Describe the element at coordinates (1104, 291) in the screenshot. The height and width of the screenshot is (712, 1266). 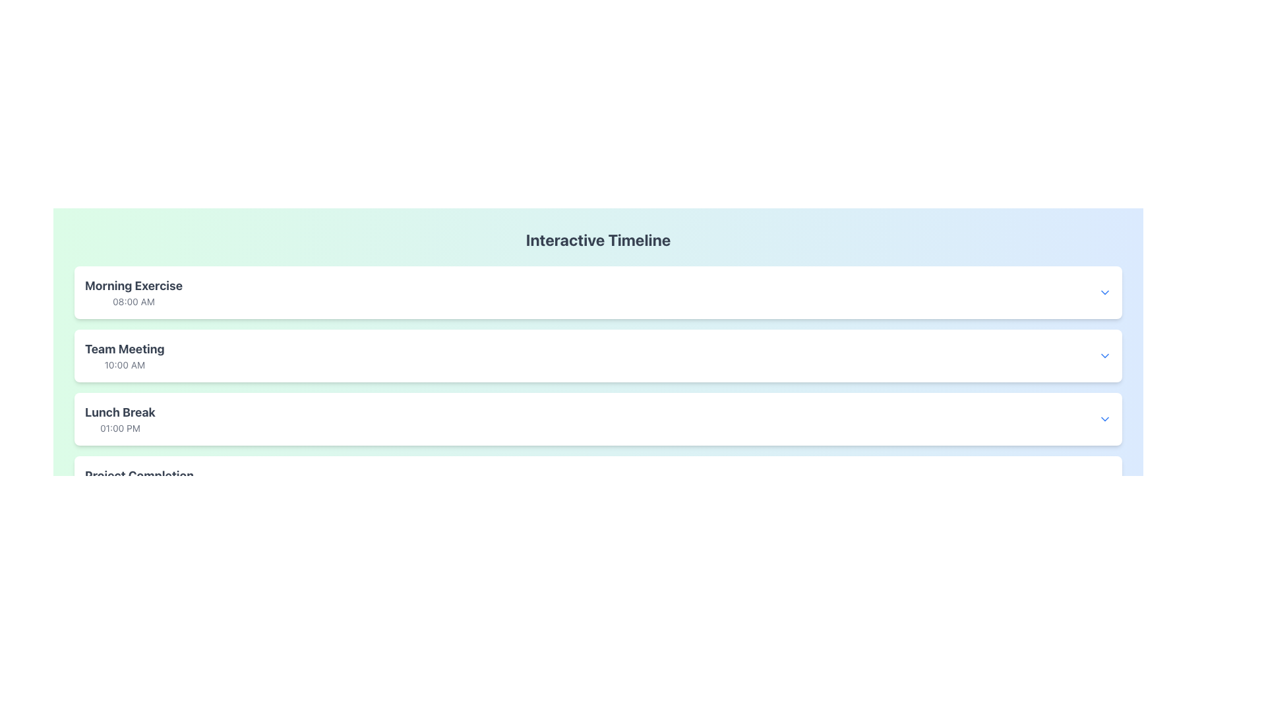
I see `the toggle button on the far-right side of the row for 'Morning Exercise 08:00 AM'` at that location.